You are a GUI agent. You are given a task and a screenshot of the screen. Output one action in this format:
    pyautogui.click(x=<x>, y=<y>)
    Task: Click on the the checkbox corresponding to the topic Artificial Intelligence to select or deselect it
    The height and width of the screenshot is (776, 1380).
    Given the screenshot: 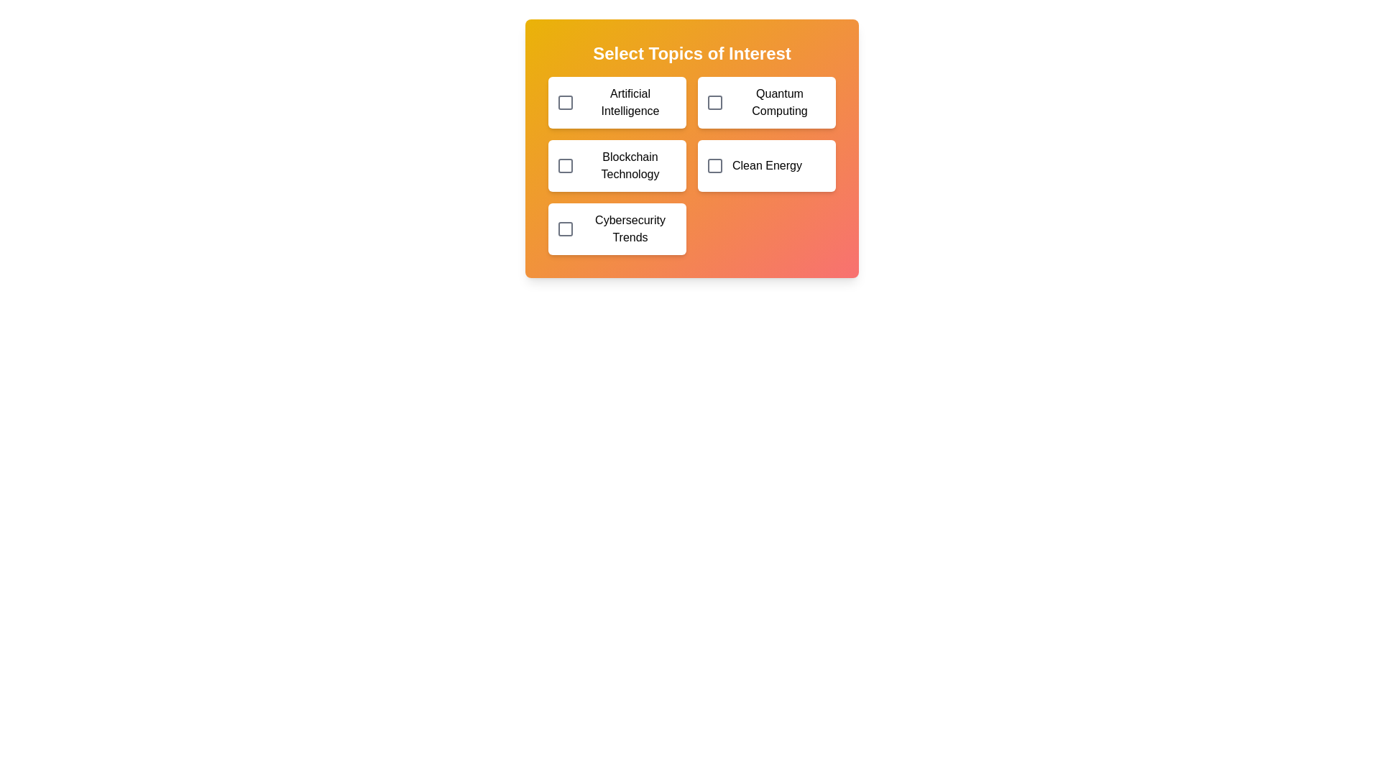 What is the action you would take?
    pyautogui.click(x=565, y=101)
    